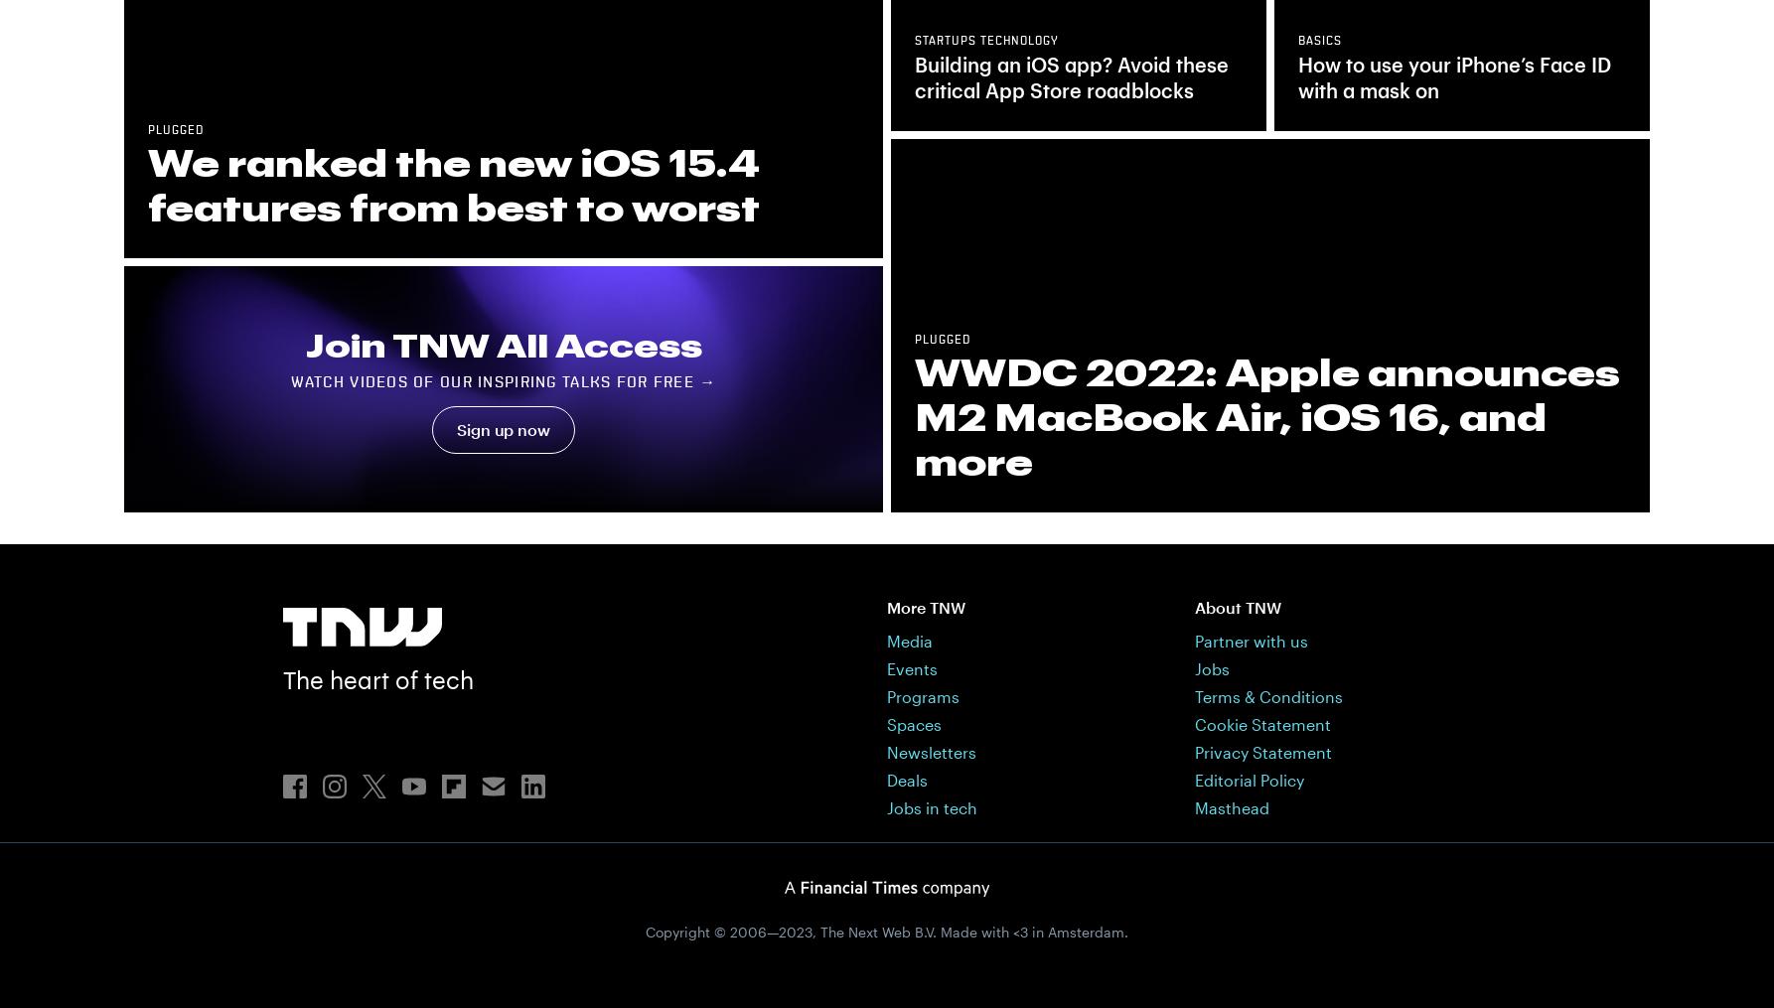 Image resolution: width=1774 pixels, height=1008 pixels. Describe the element at coordinates (1070, 76) in the screenshot. I see `'Building an iOS app? Avoid these critical App Store roadblocks'` at that location.